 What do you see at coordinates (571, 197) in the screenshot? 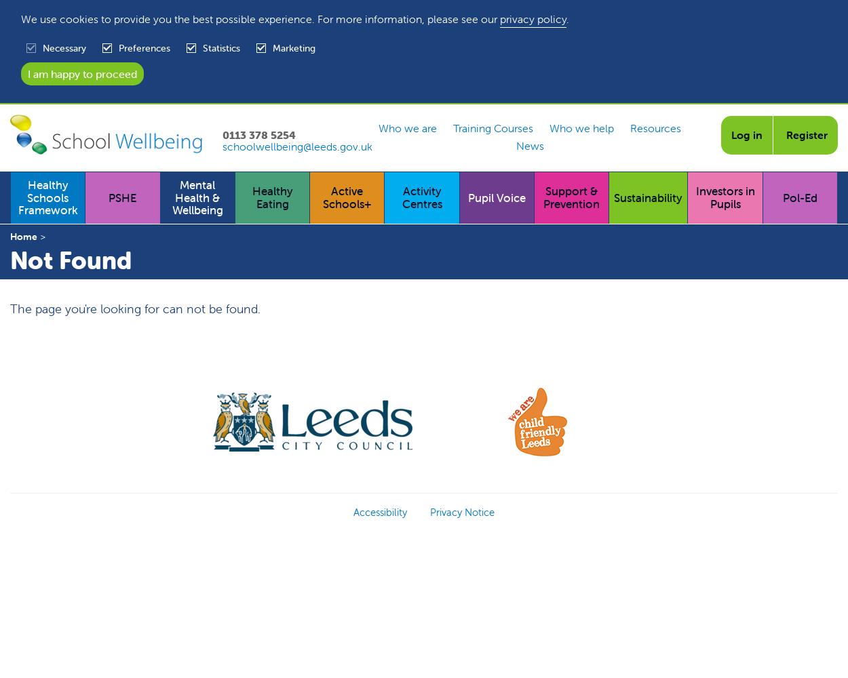
I see `'Support & Prevention'` at bounding box center [571, 197].